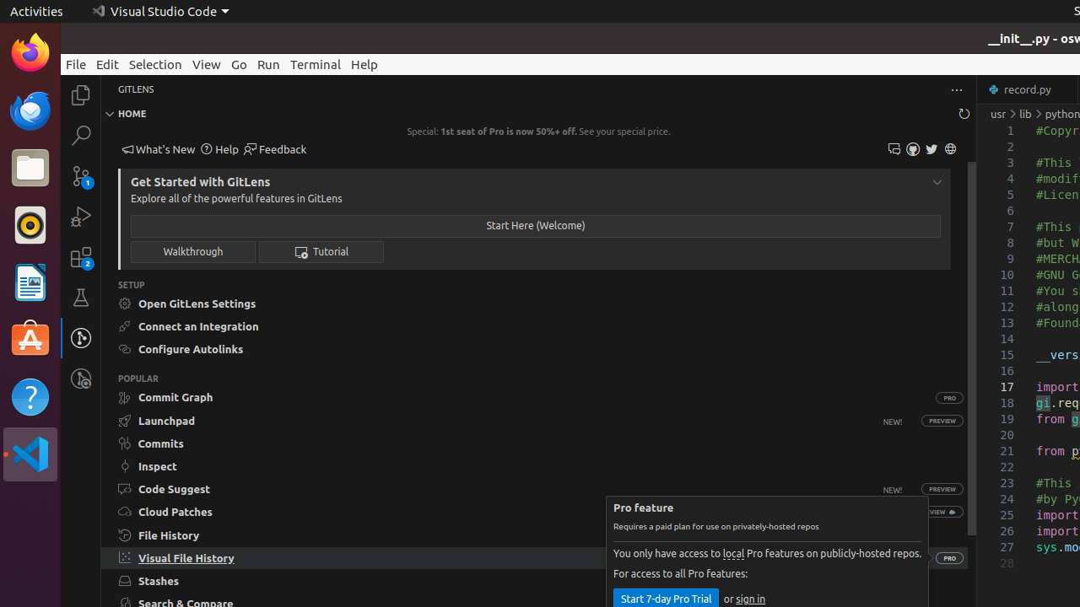 This screenshot has height=607, width=1080. What do you see at coordinates (321, 251) in the screenshot?
I see `' Tutorial'` at bounding box center [321, 251].